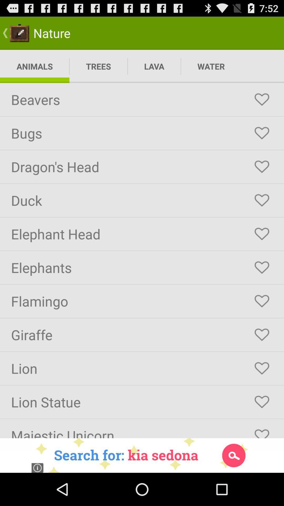 The image size is (284, 506). Describe the element at coordinates (142, 455) in the screenshot. I see `search` at that location.